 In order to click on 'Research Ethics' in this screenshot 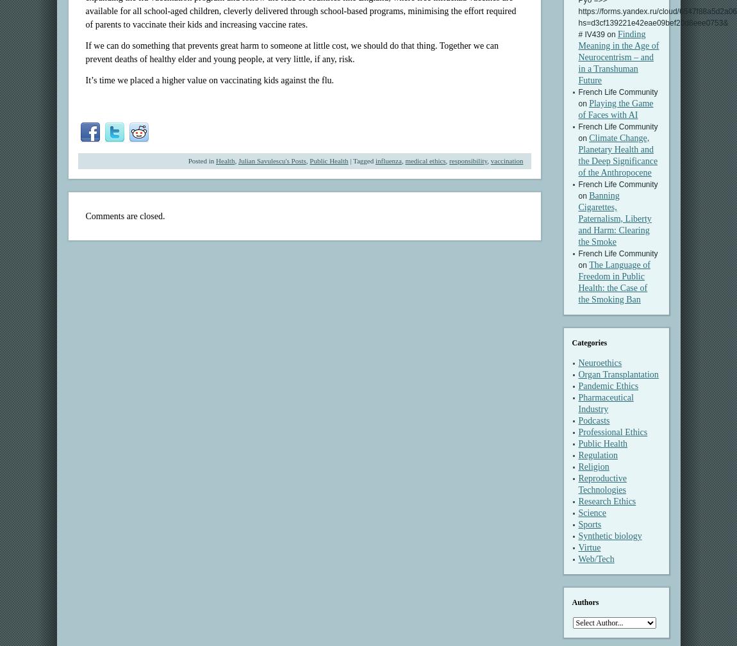, I will do `click(607, 501)`.